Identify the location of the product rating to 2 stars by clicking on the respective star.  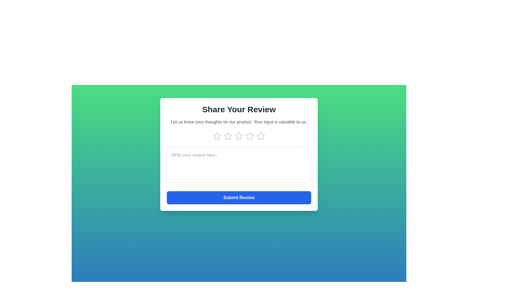
(228, 136).